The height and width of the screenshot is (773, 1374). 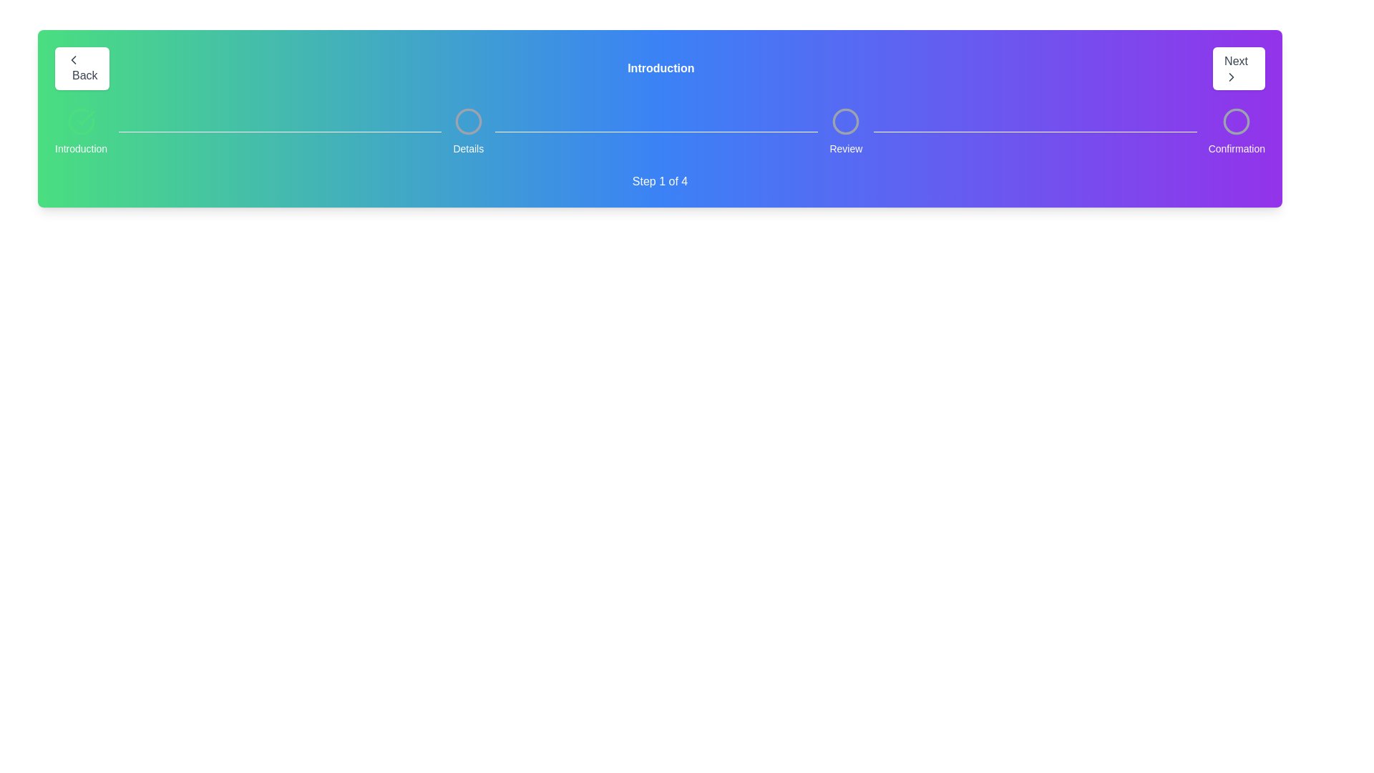 What do you see at coordinates (660, 69) in the screenshot?
I see `the static text label that indicates the current step's title as 'Introduction' in a multi-step process, positioned centrally between the 'Back' and 'Next' buttons` at bounding box center [660, 69].